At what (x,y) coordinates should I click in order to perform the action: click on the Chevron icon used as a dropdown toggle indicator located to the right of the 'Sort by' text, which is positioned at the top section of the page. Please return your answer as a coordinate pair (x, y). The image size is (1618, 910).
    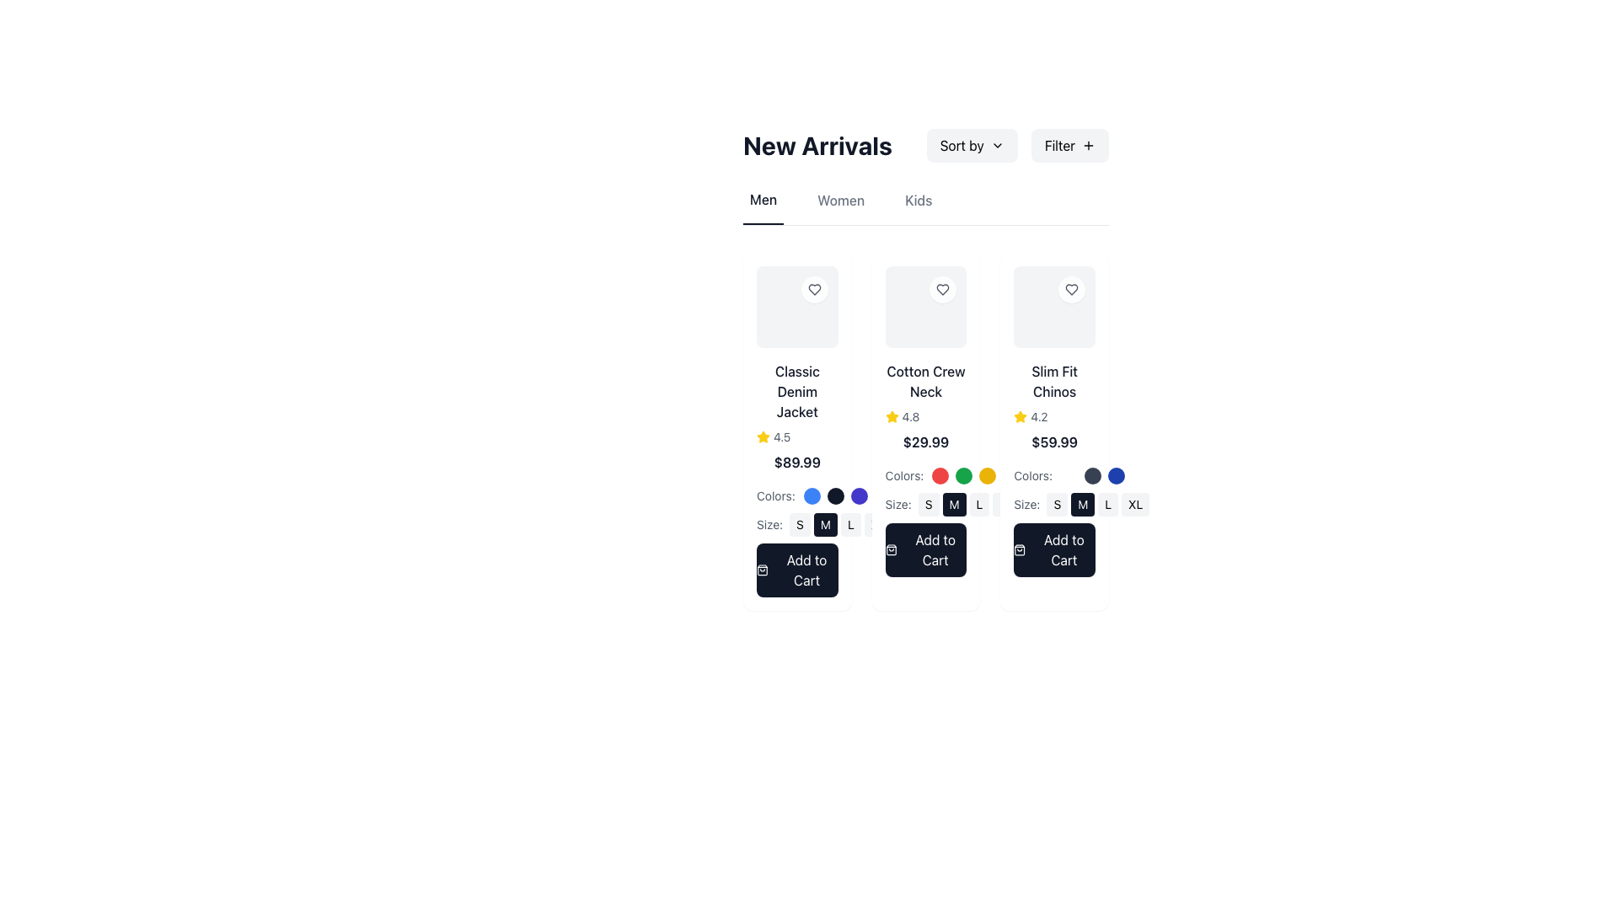
    Looking at the image, I should click on (997, 145).